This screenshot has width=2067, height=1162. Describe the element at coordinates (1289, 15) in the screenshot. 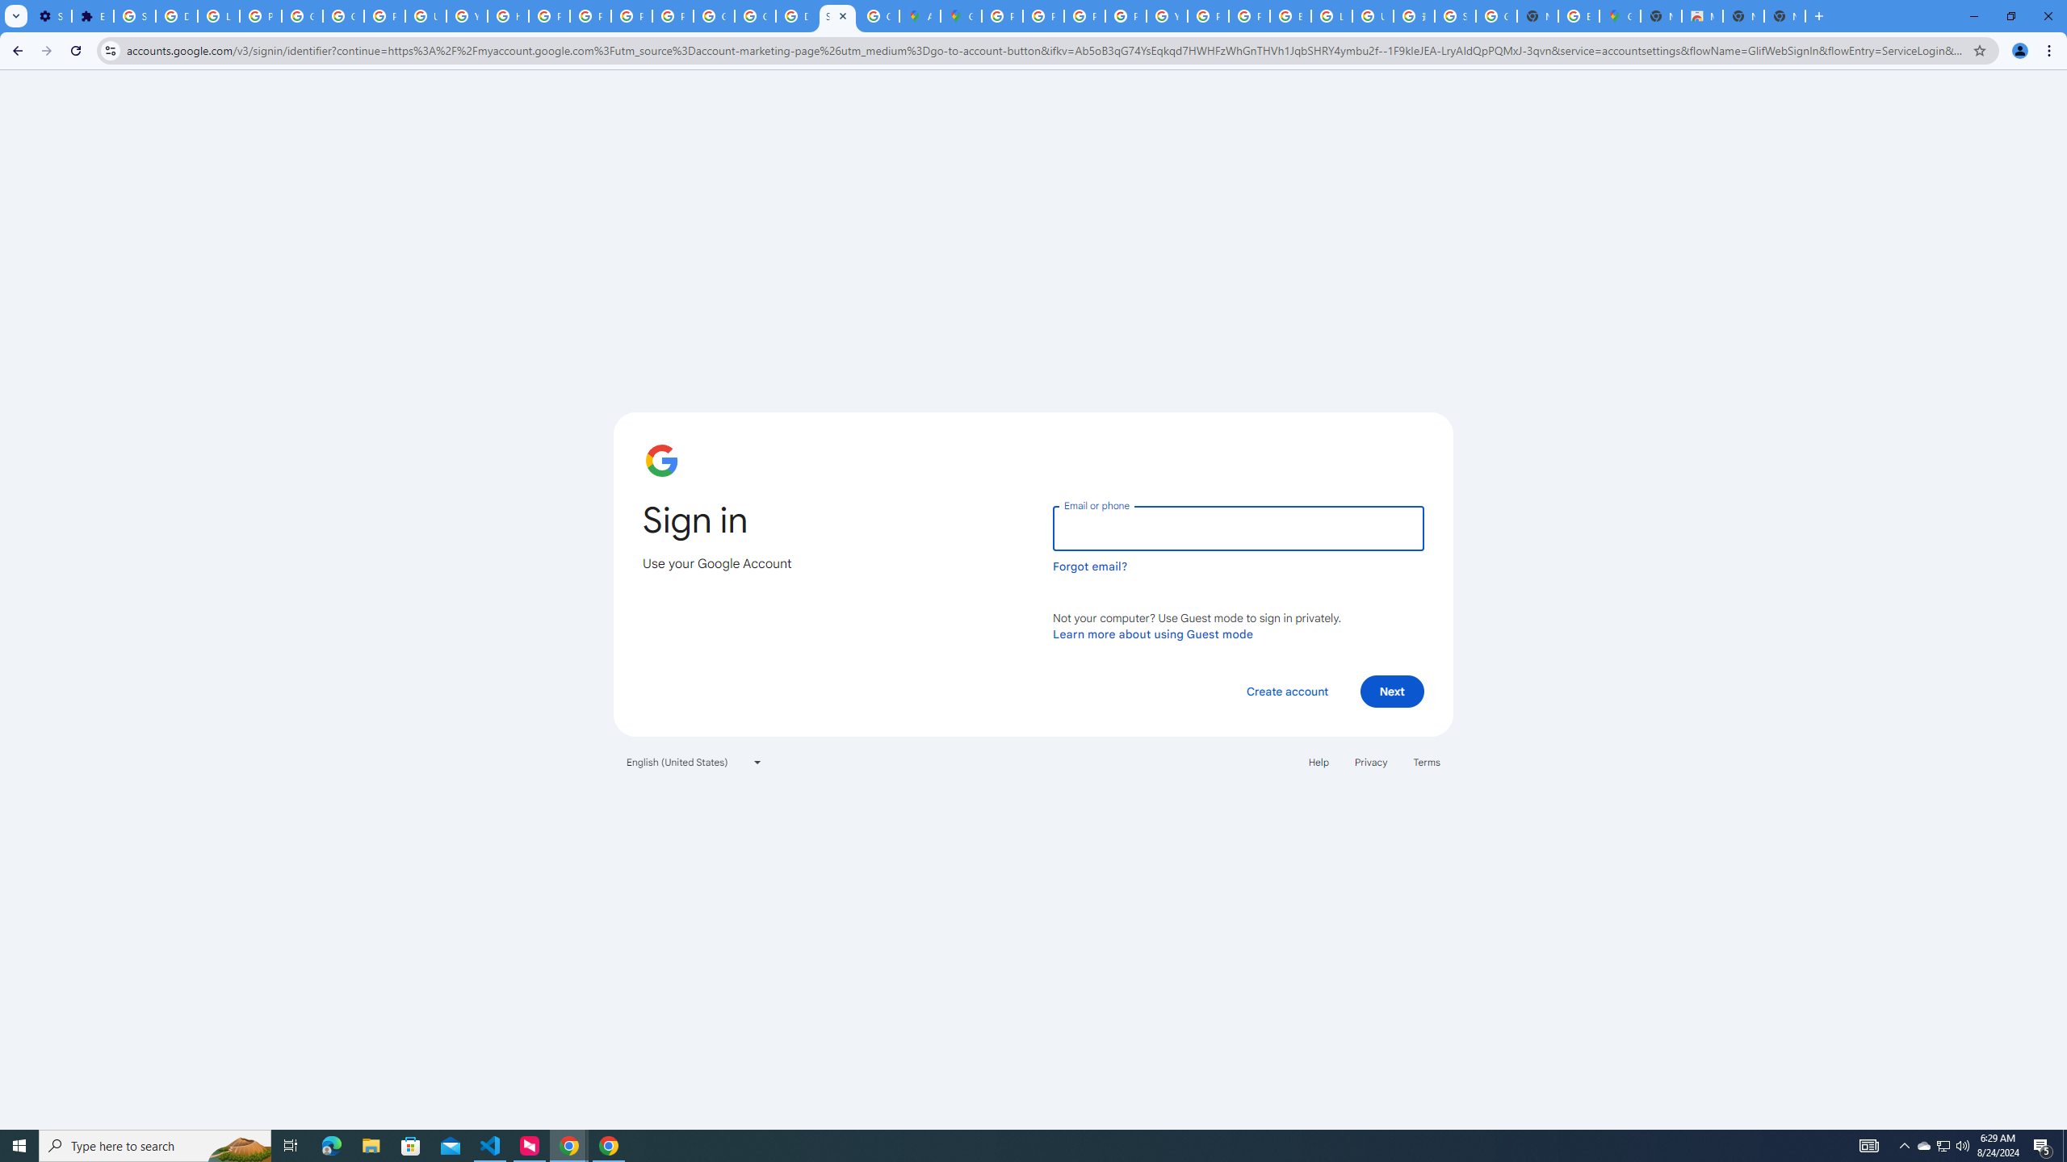

I see `'Browse Chrome as a guest - Computer - Google Chrome Help'` at that location.